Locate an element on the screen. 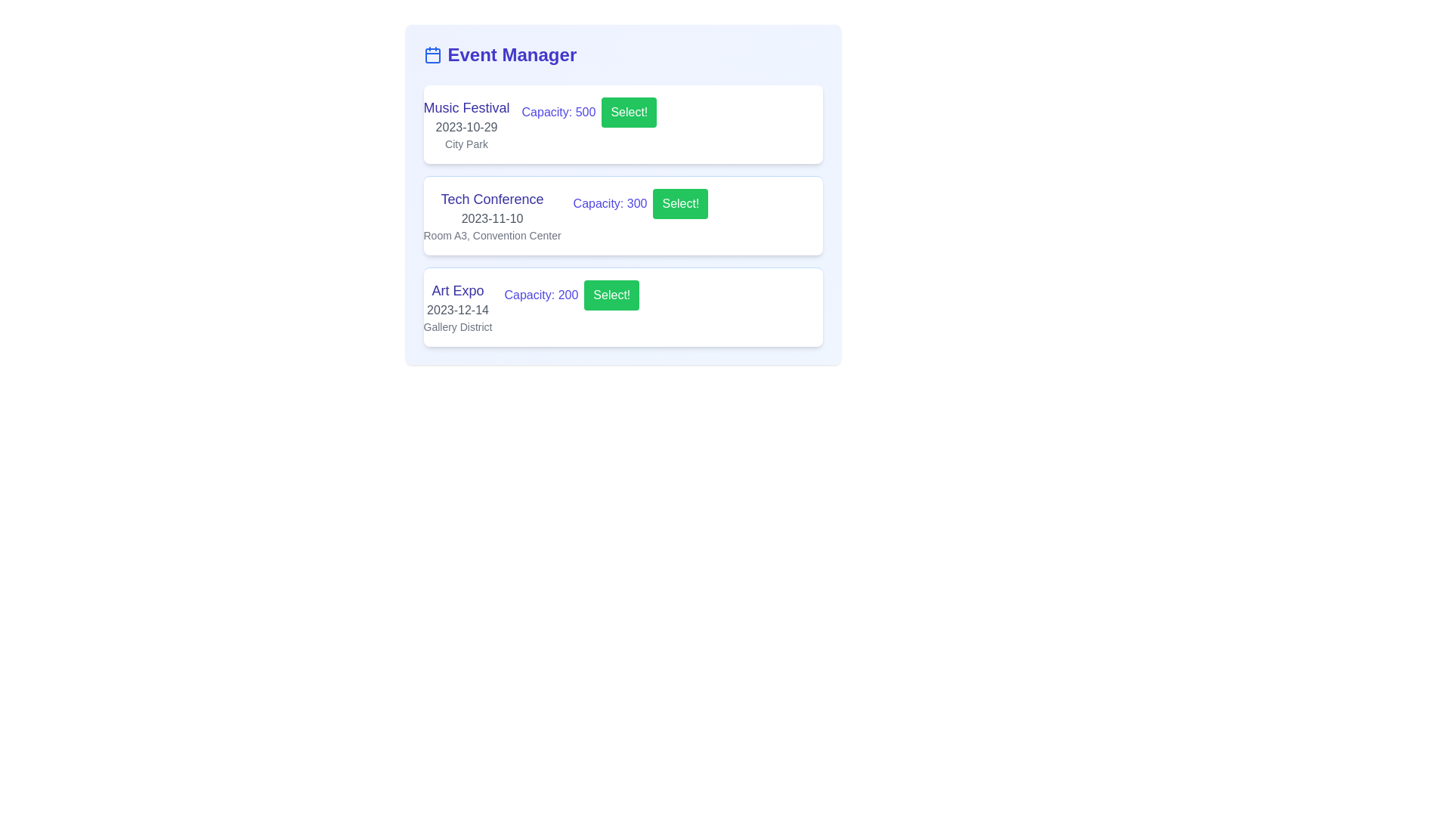 The image size is (1451, 816). the date information displayed in gray font, '2023-11-10', positioned below the heading 'Tech Conference' is located at coordinates (492, 218).